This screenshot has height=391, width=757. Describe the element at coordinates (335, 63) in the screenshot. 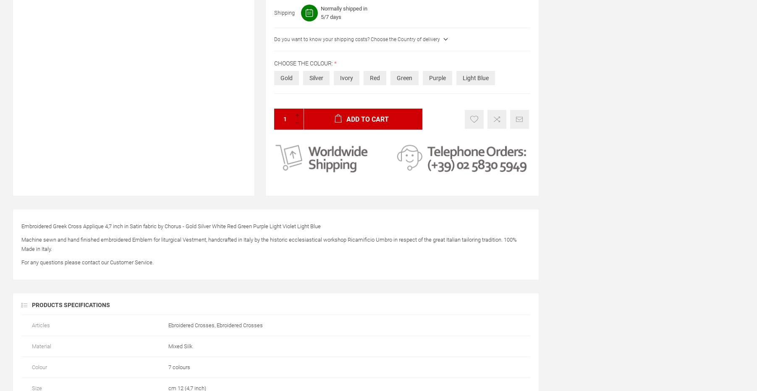

I see `'*'` at that location.